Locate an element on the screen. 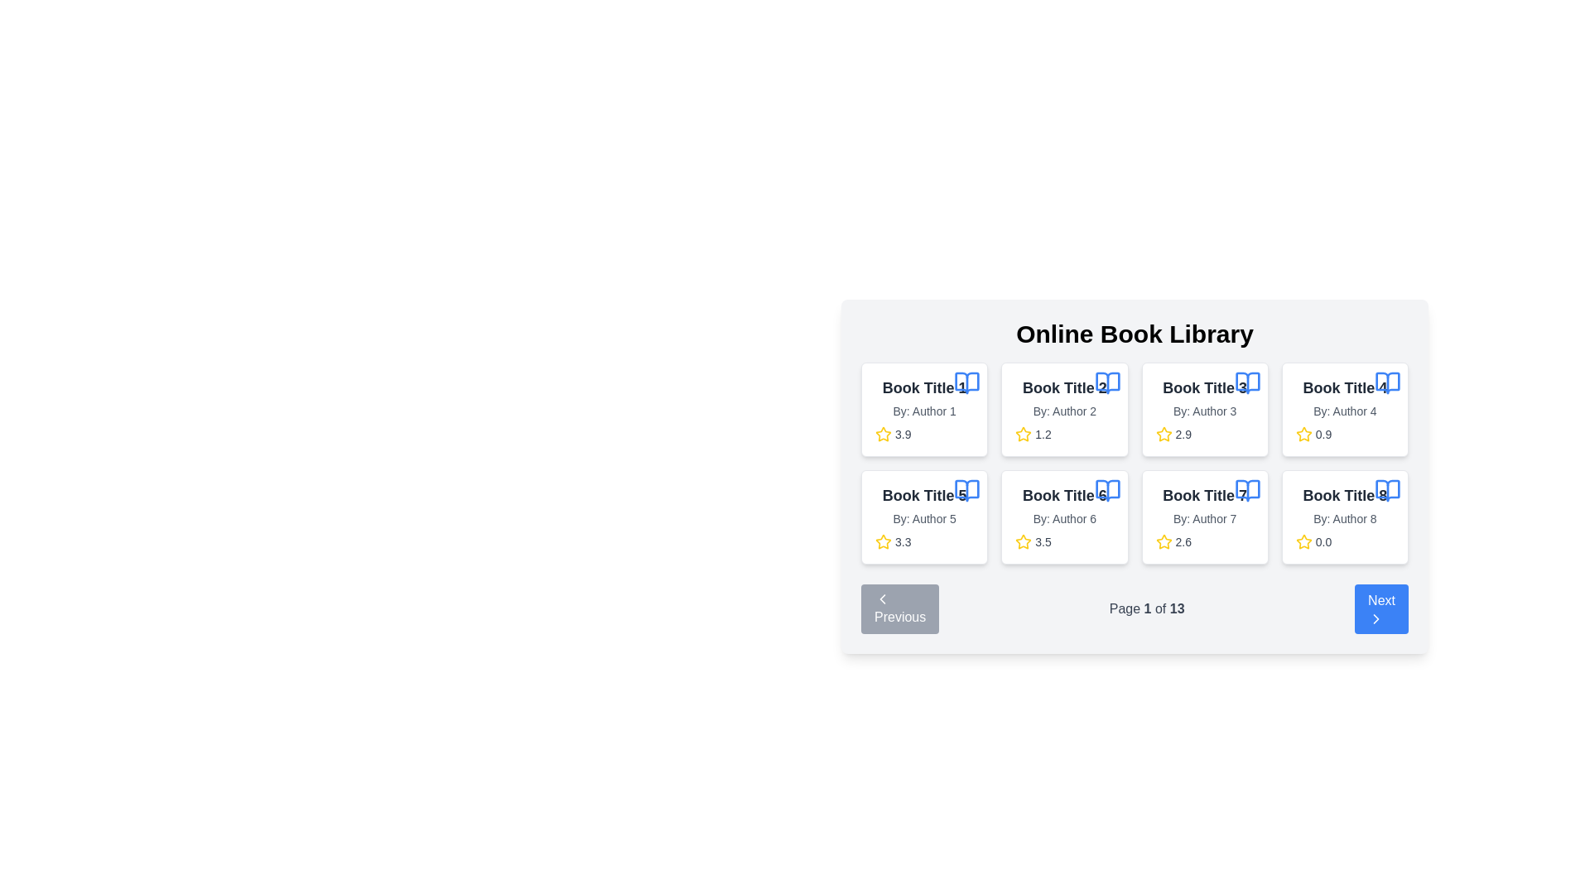  the Information Card displaying details about a book, located in the second row and third column of the grid layout is located at coordinates (1205, 516).